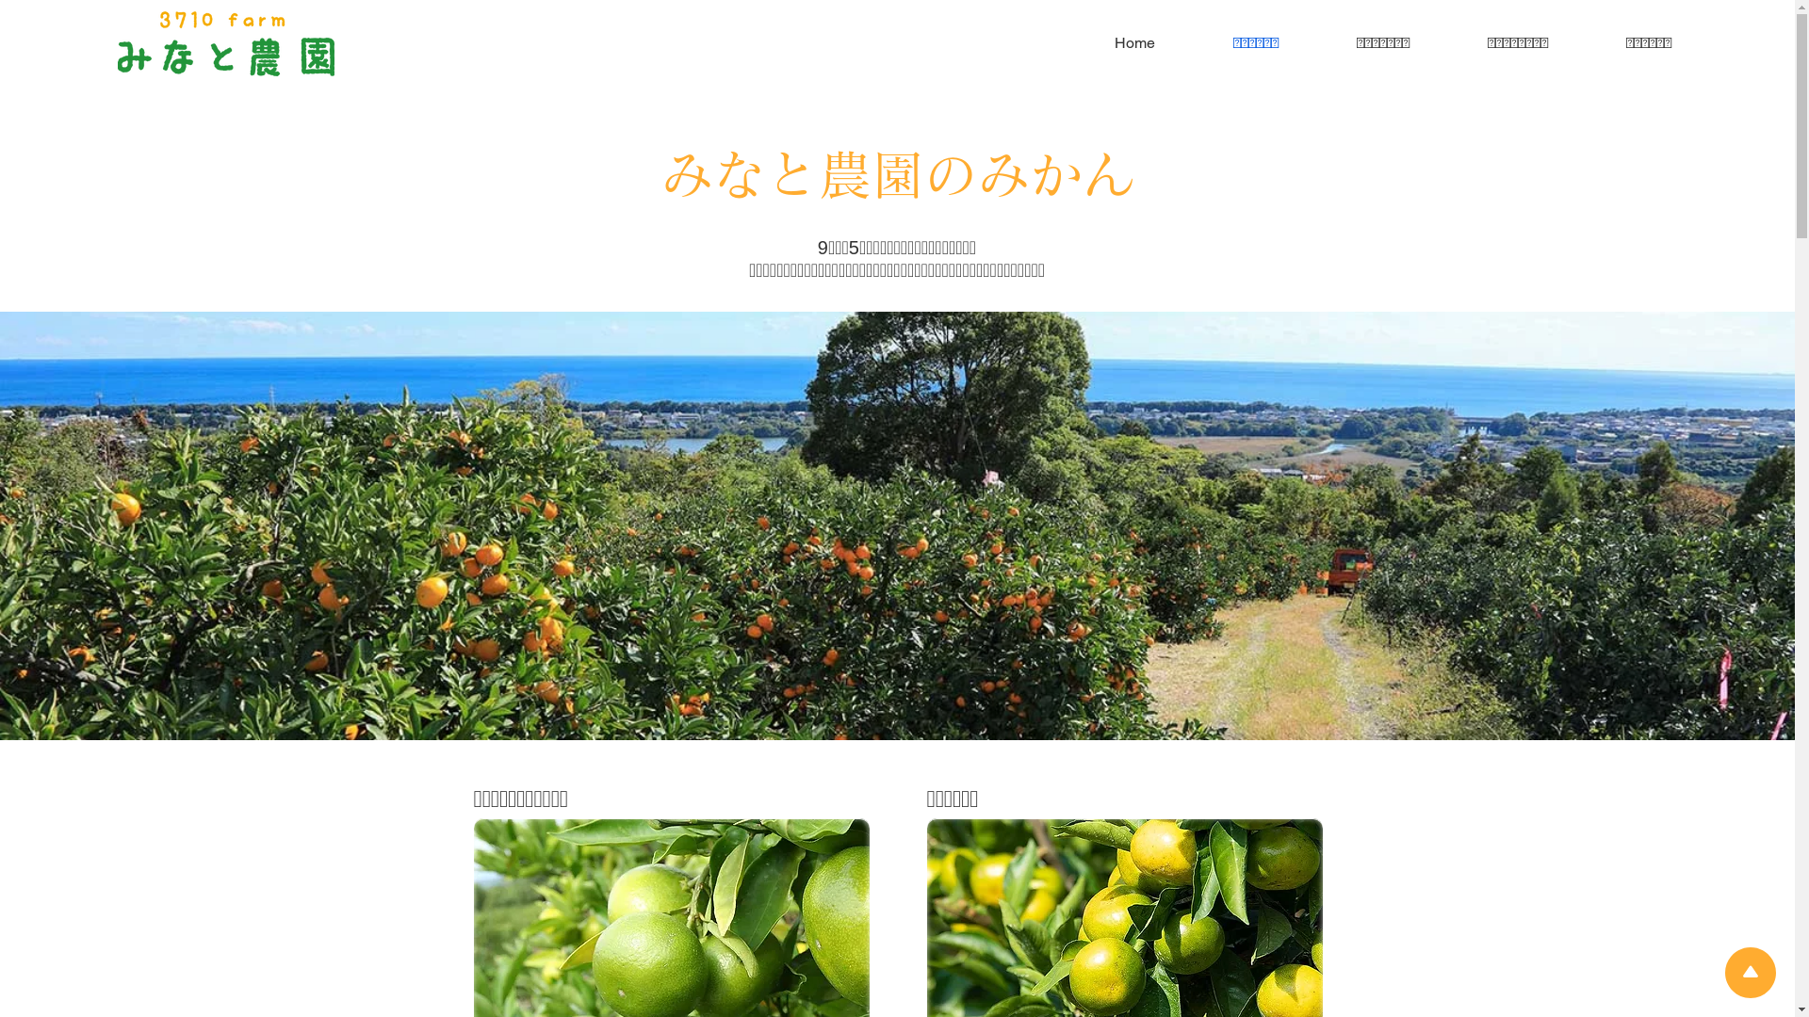  I want to click on 'Home', so click(1109, 42).